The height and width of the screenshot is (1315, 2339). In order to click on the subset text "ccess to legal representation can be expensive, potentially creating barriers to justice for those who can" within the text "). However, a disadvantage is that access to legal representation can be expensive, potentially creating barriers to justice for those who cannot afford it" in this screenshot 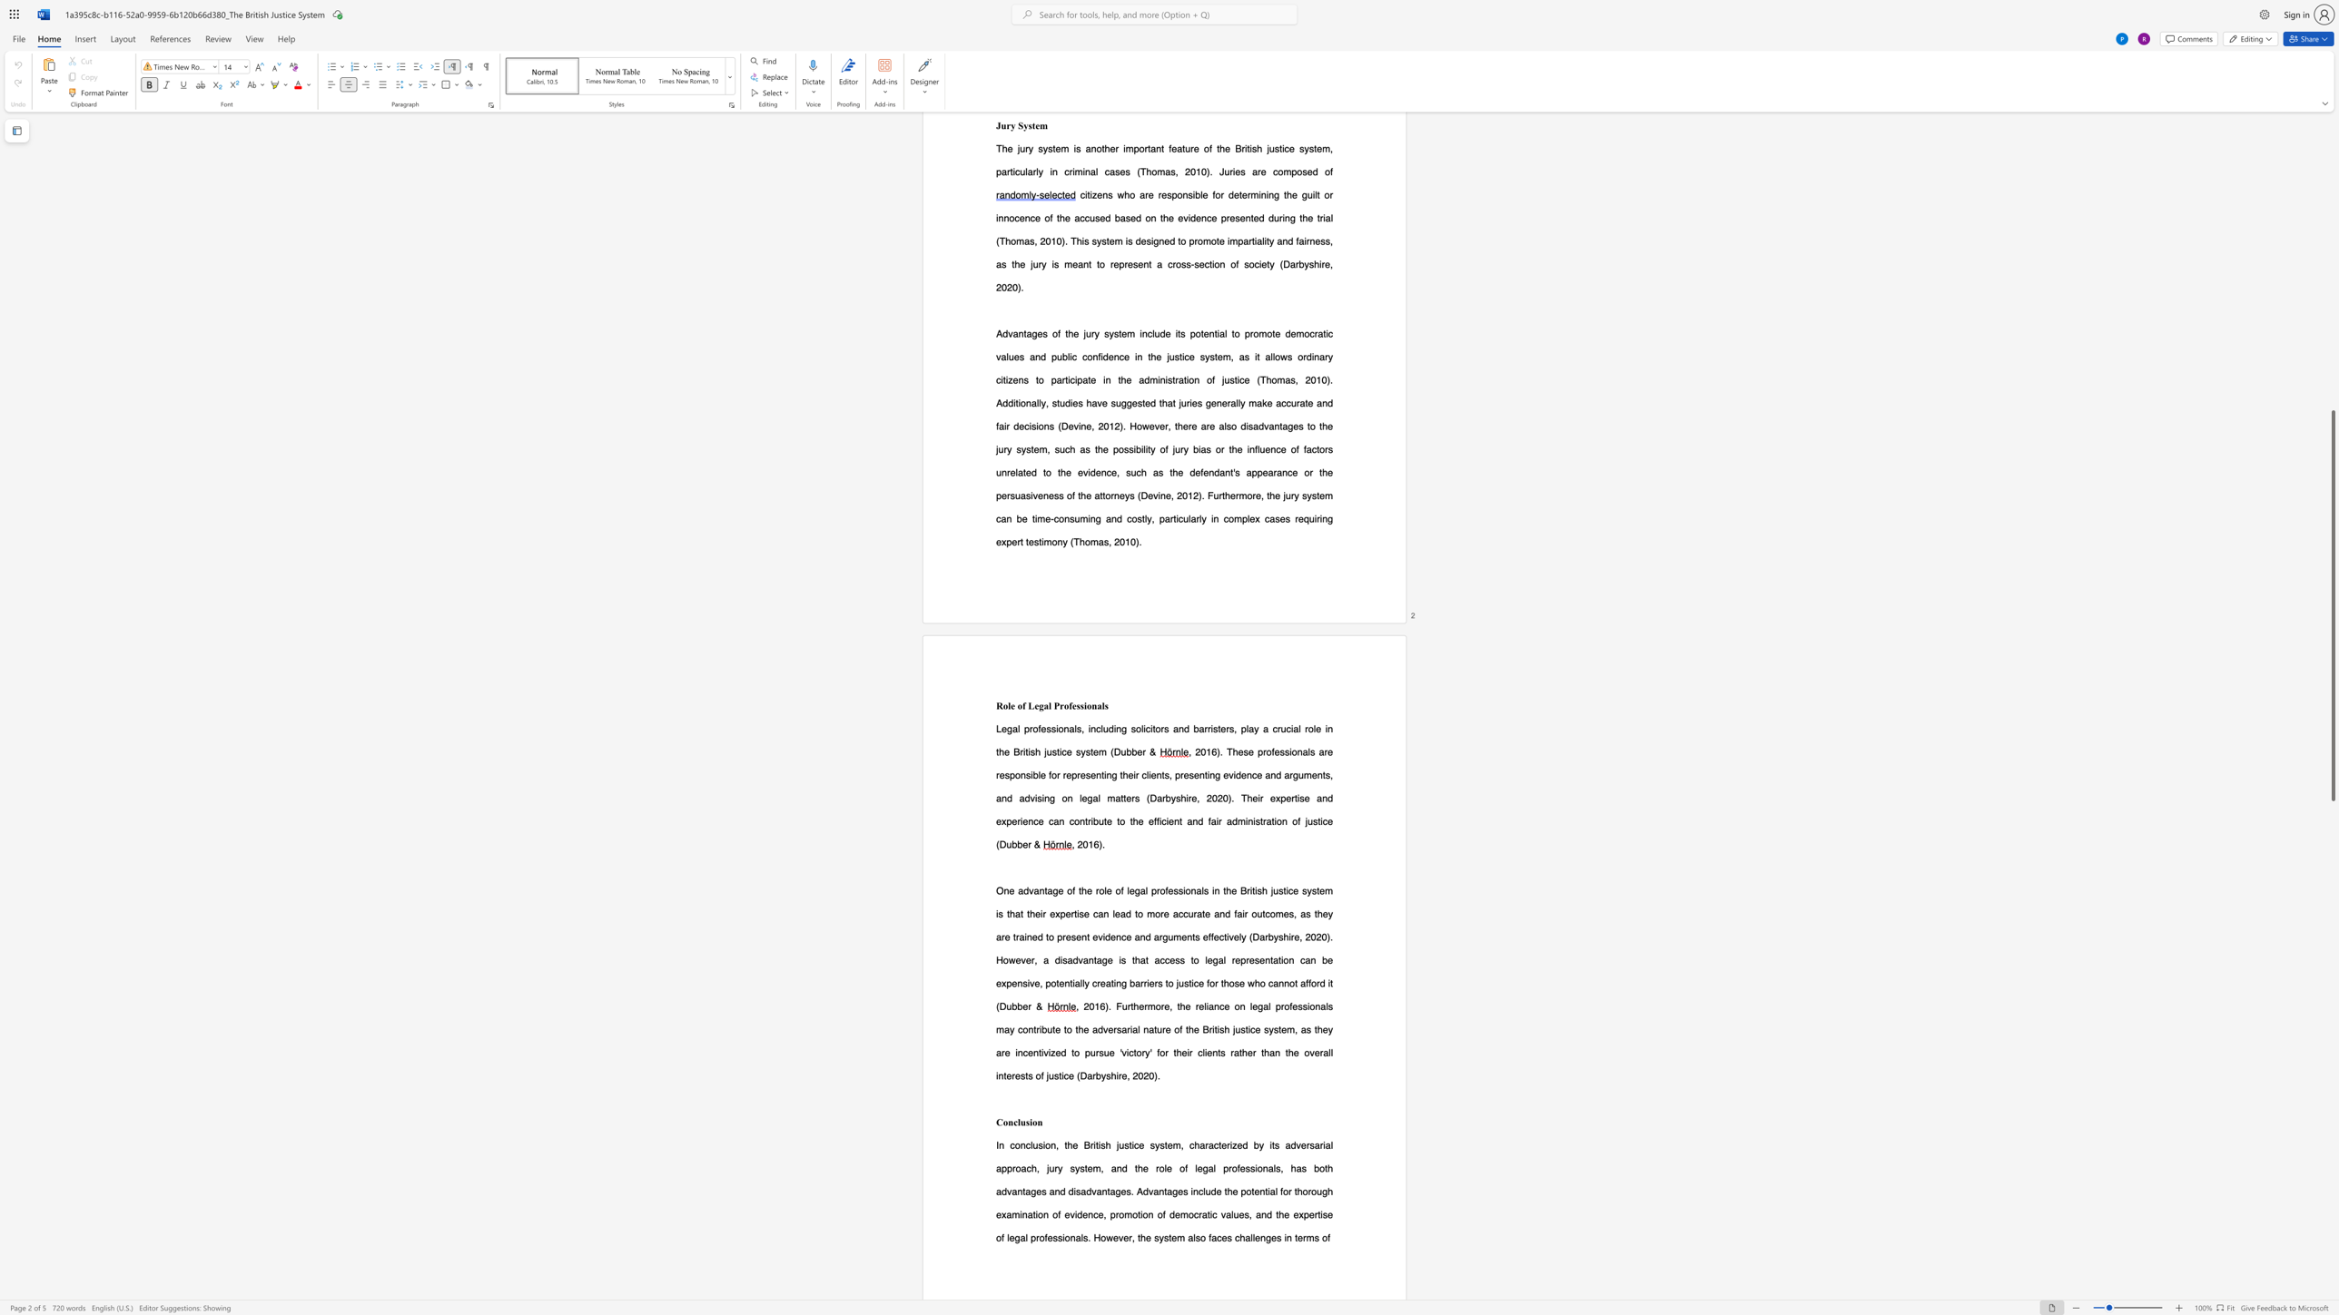, I will do `click(1159, 959)`.